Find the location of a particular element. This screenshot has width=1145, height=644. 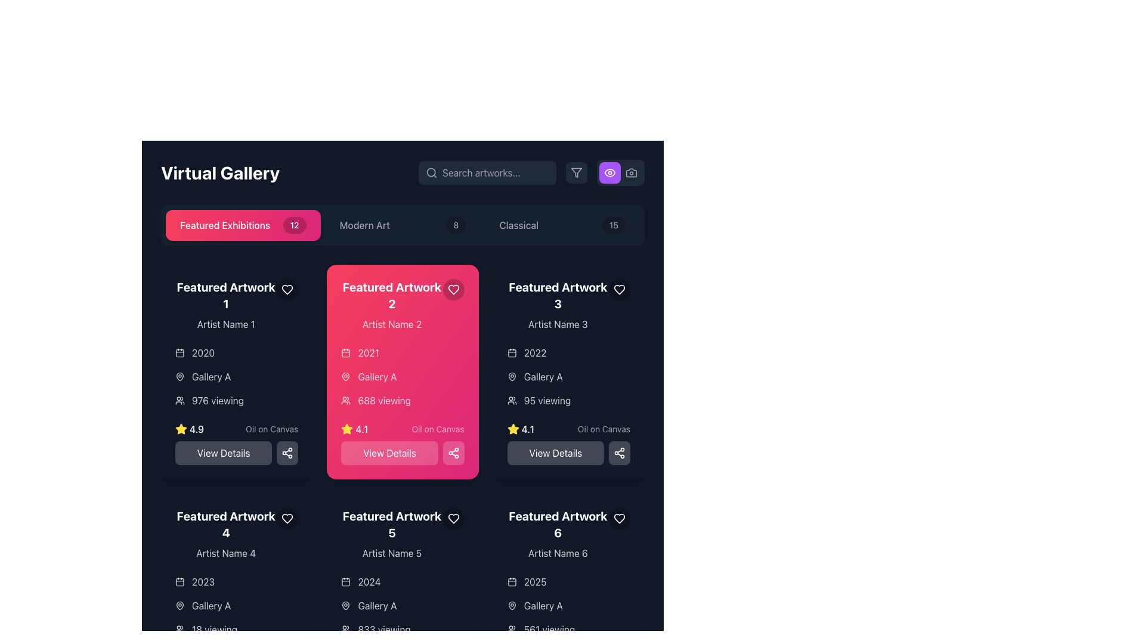

the text label providing descriptive information about the artwork, located to the right of the rating star icon and numeric rating in the metadata section under 'Featured Artwork 1' is located at coordinates (271, 429).